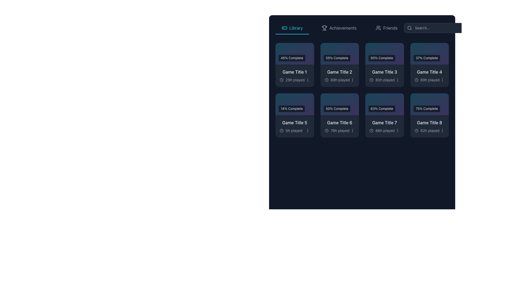 The width and height of the screenshot is (512, 288). What do you see at coordinates (340, 80) in the screenshot?
I see `the Text Label that indicates the total duration the user has played a specific game, located below the '55% Complete' label and next to a clock icon under 'Game Title 2'` at bounding box center [340, 80].